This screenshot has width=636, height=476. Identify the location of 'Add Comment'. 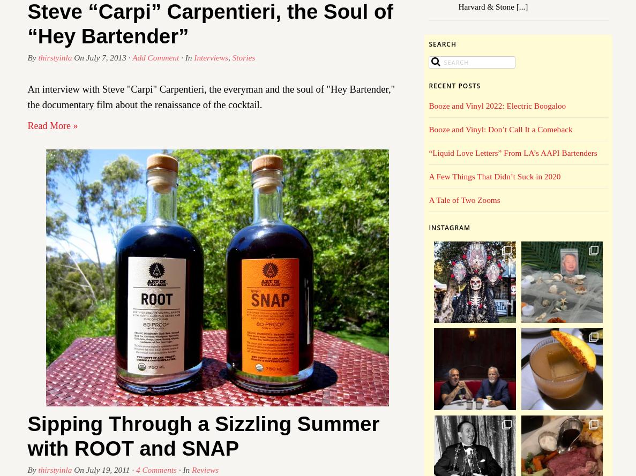
(132, 57).